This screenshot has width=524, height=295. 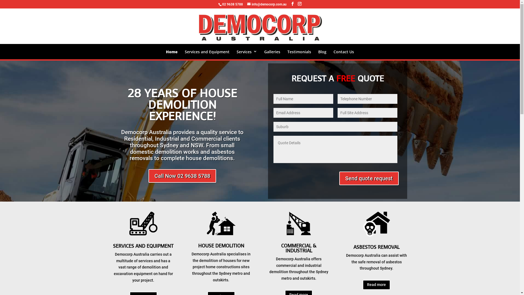 I want to click on 'Services and Equipment', so click(x=207, y=52).